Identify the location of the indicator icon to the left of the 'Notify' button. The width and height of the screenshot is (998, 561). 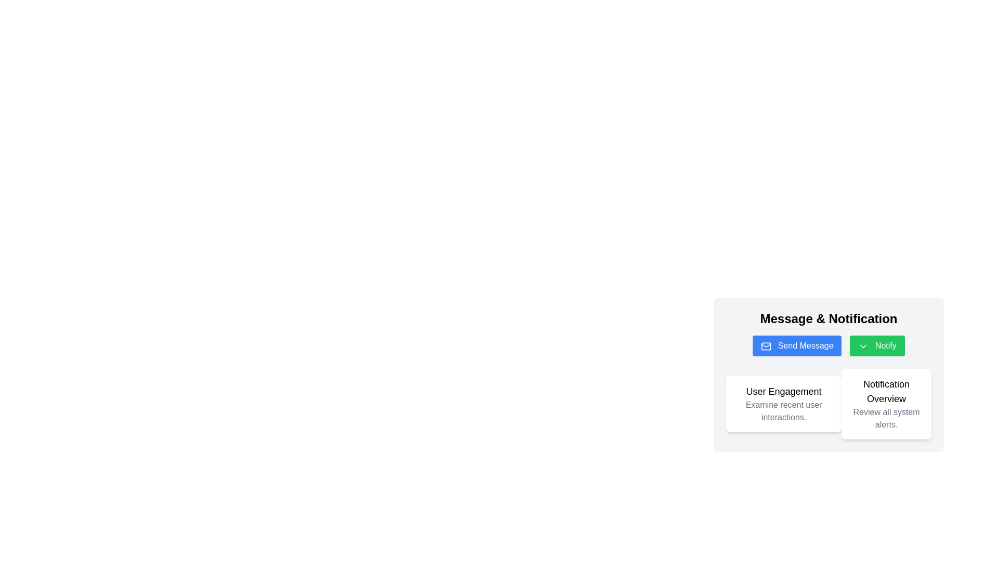
(863, 346).